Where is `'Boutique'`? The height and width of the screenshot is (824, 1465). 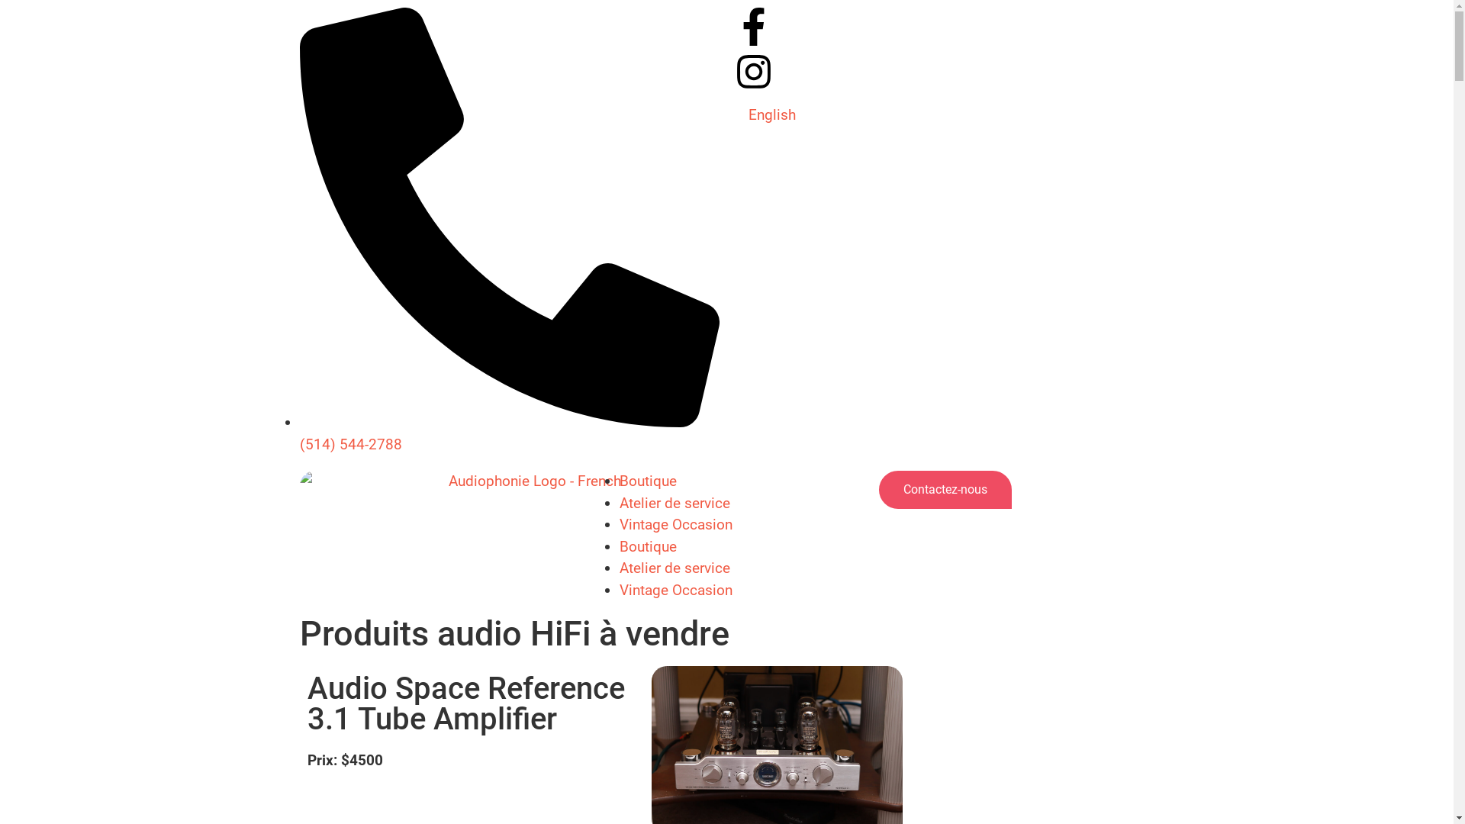 'Boutique' is located at coordinates (619, 545).